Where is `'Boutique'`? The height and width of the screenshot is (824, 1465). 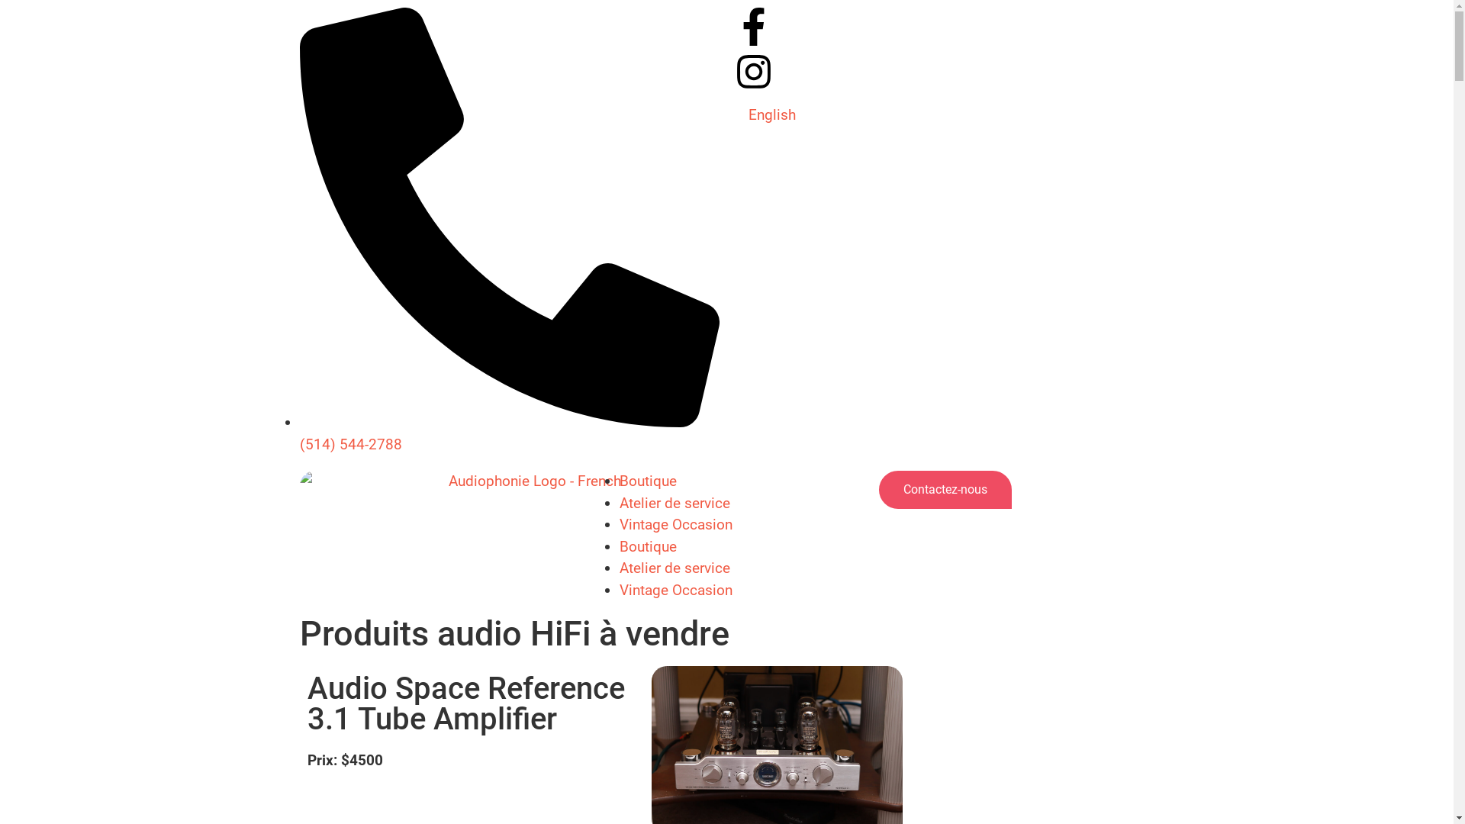 'Boutique' is located at coordinates (619, 545).